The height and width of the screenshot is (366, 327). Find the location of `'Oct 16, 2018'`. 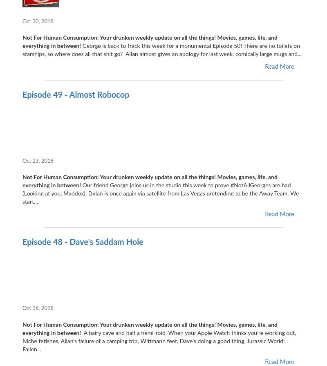

'Oct 16, 2018' is located at coordinates (38, 308).